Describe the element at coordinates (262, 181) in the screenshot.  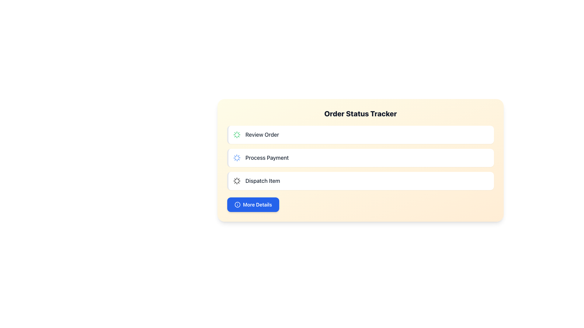
I see `the text label element displaying 'Dispatch Item', which is styled in medium-sized dark gray font and located below the 'Process Payment' step in the 'Order Status Tracker' interface` at that location.